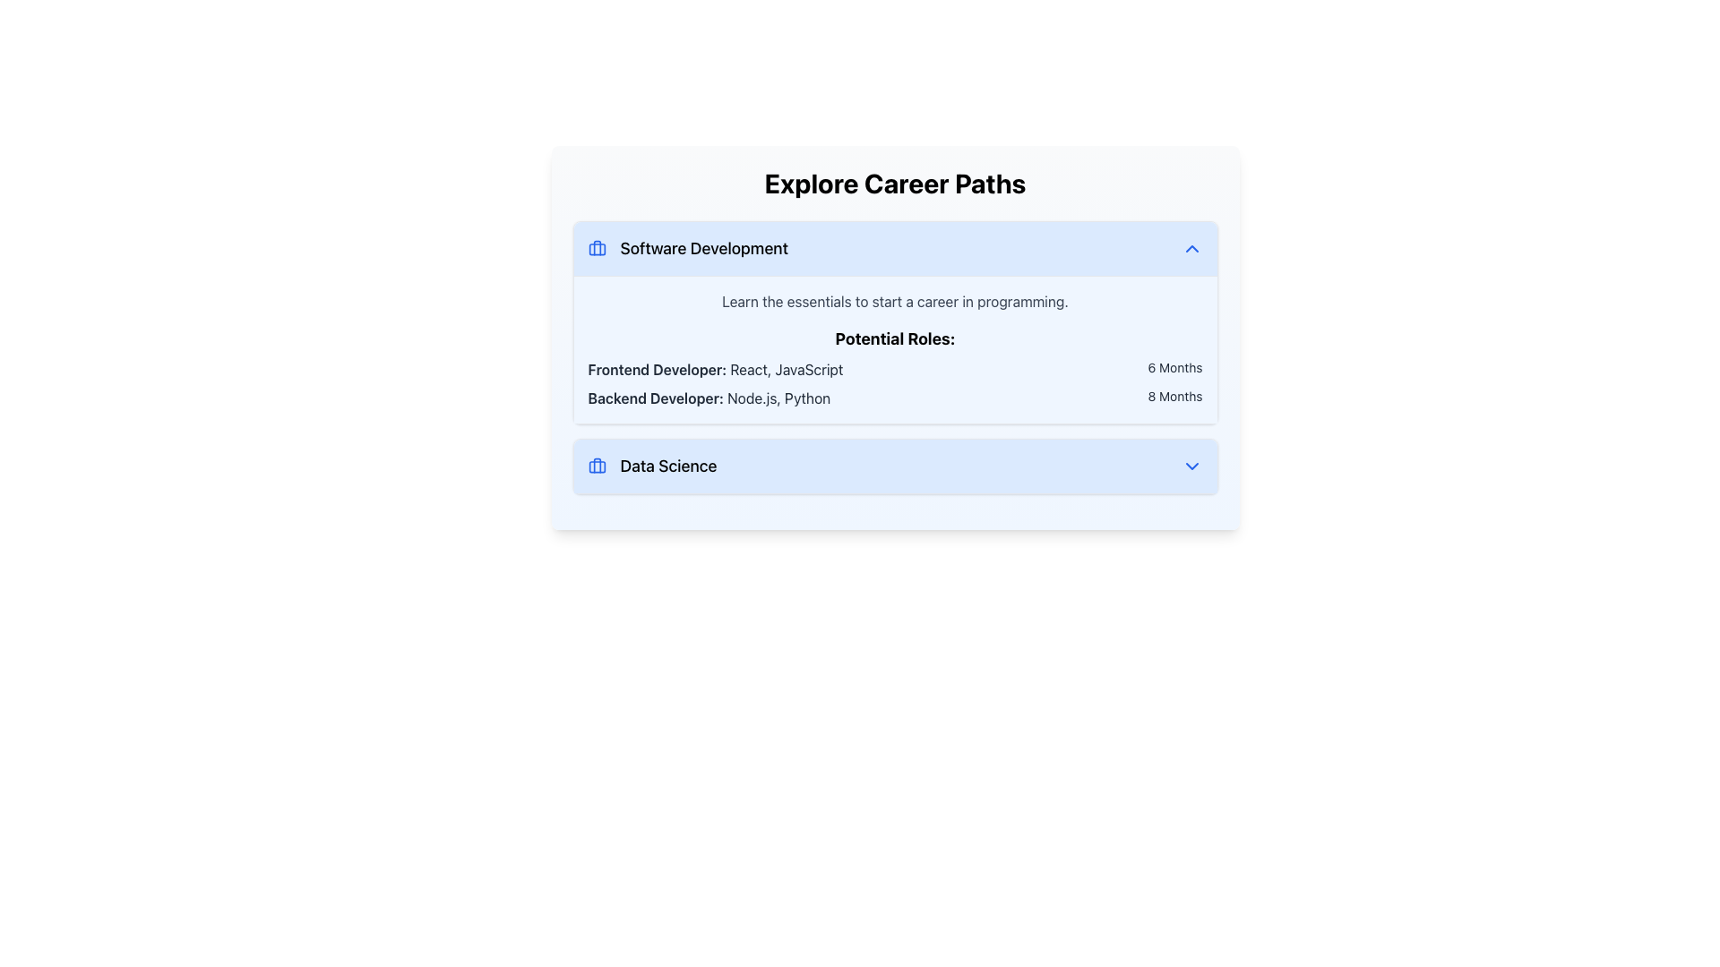  I want to click on the text label 'Backend Developer:' which is styled in bold and located under the 'Potential Roles' section in the 'Software Development' category, so click(655, 397).